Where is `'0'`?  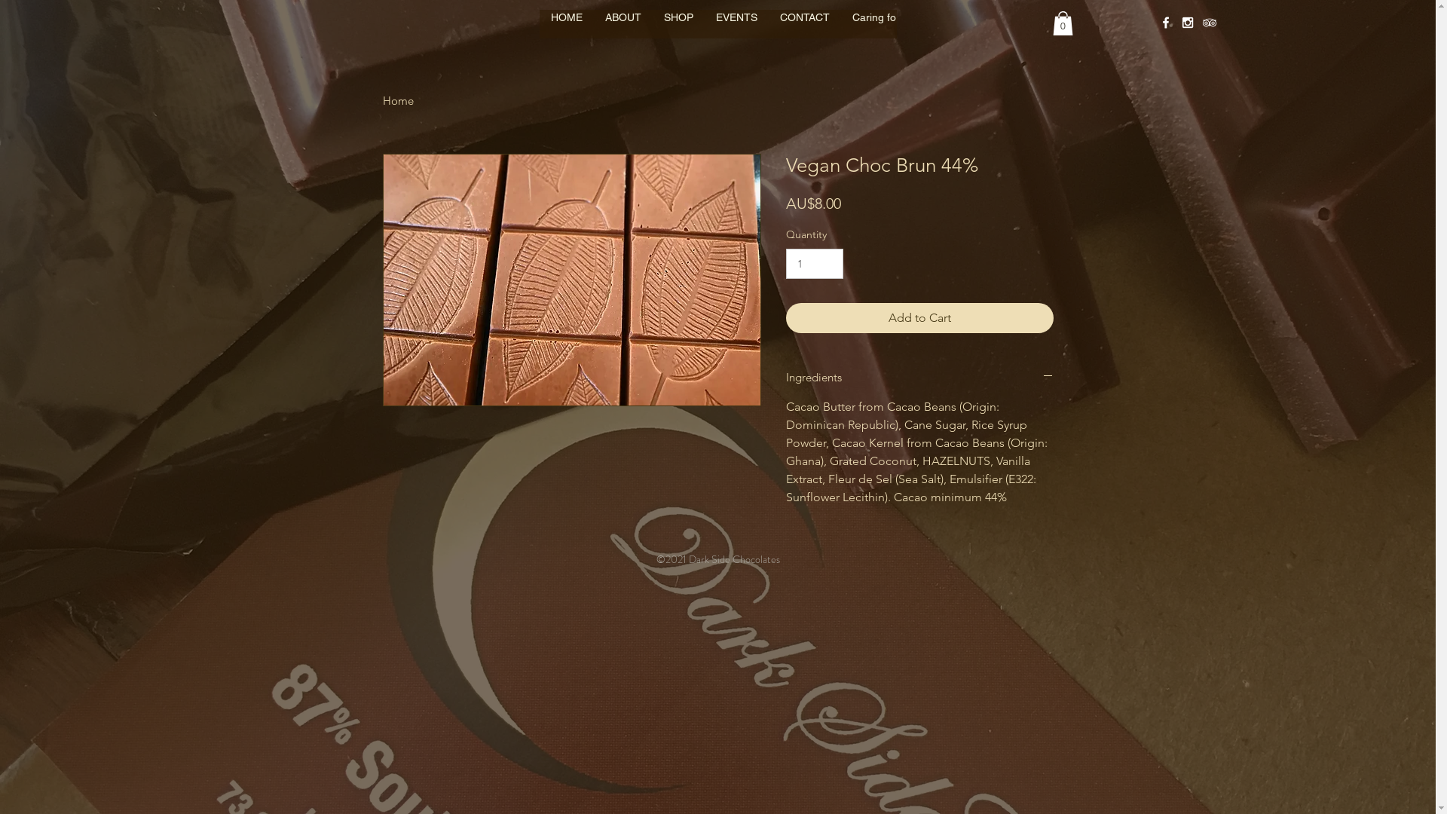 '0' is located at coordinates (1061, 23).